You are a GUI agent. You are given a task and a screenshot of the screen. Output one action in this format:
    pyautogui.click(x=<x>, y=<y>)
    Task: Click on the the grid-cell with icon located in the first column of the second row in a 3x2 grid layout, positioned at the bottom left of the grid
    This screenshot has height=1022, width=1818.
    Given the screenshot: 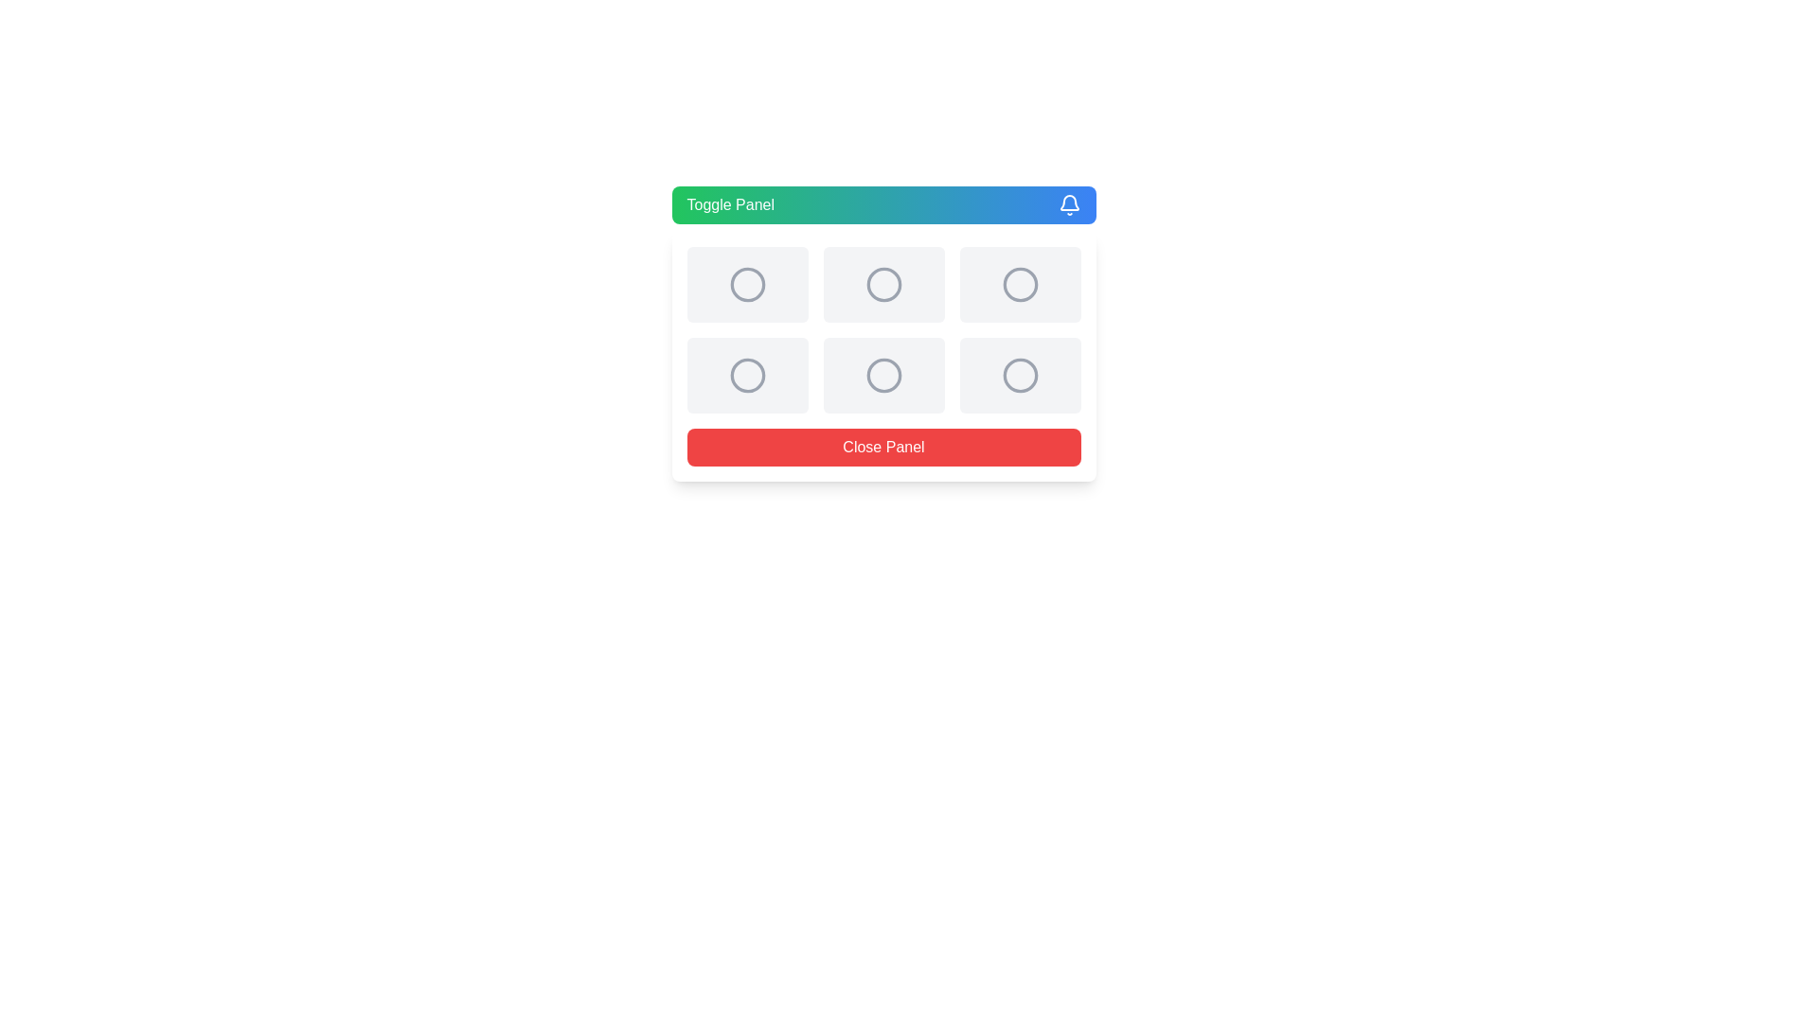 What is the action you would take?
    pyautogui.click(x=746, y=376)
    